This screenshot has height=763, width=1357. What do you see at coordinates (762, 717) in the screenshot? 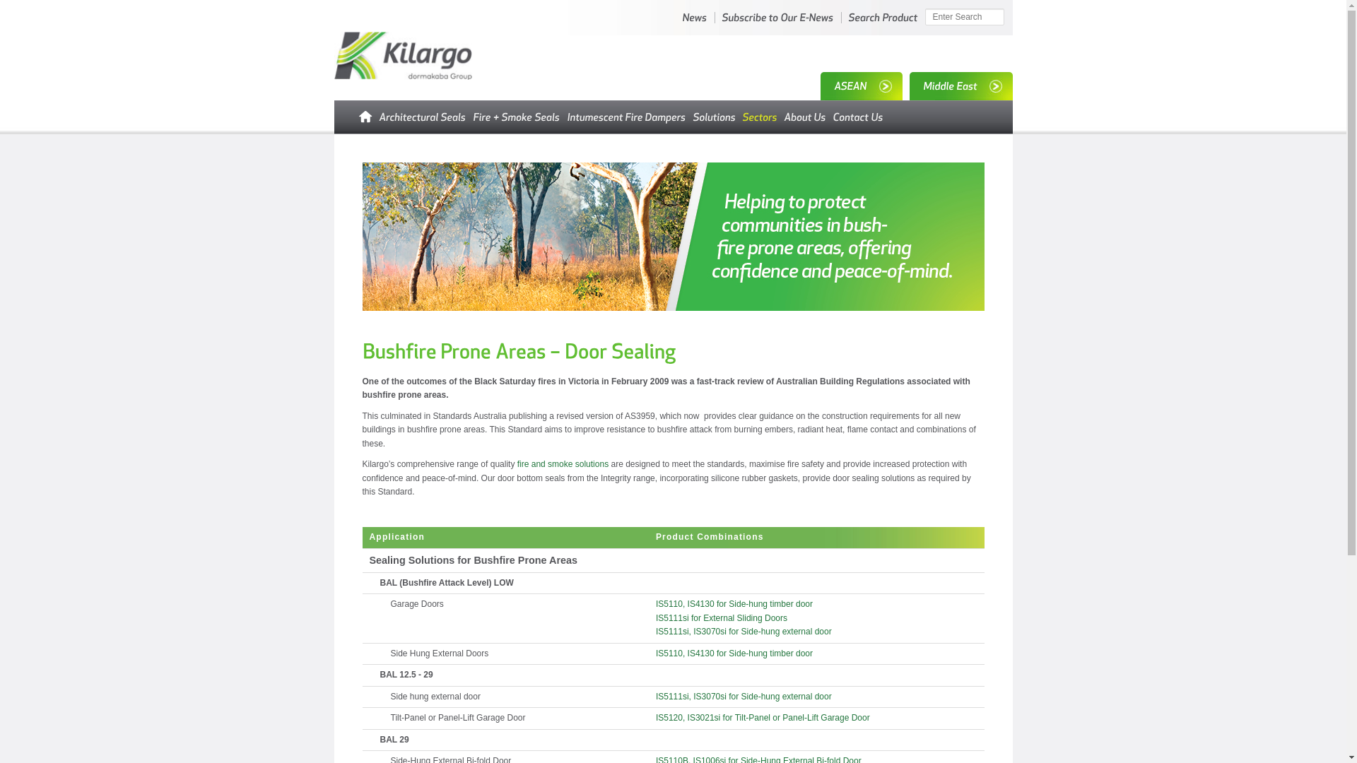
I see `'IS5120, IS3021si for Tilt-Panel or Panel-Lift Garage Door'` at bounding box center [762, 717].